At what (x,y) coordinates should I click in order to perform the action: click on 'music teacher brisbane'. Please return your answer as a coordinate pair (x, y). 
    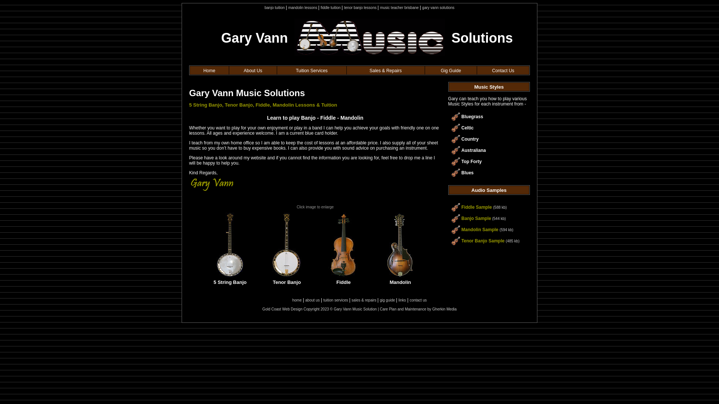
    Looking at the image, I should click on (400, 7).